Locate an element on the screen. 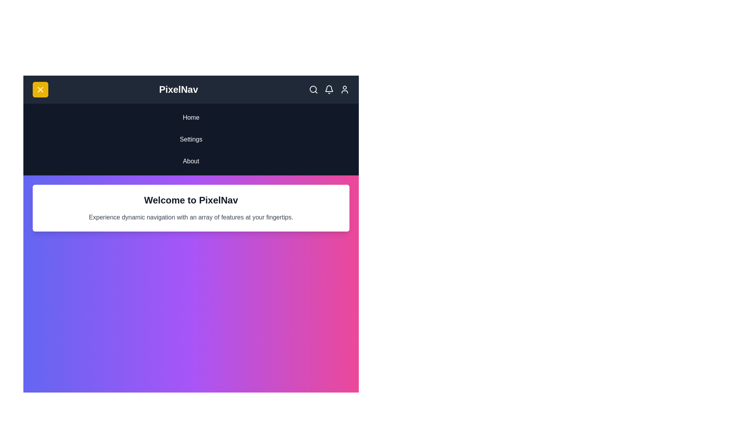  the interactive elements: menu_button is located at coordinates (40, 89).